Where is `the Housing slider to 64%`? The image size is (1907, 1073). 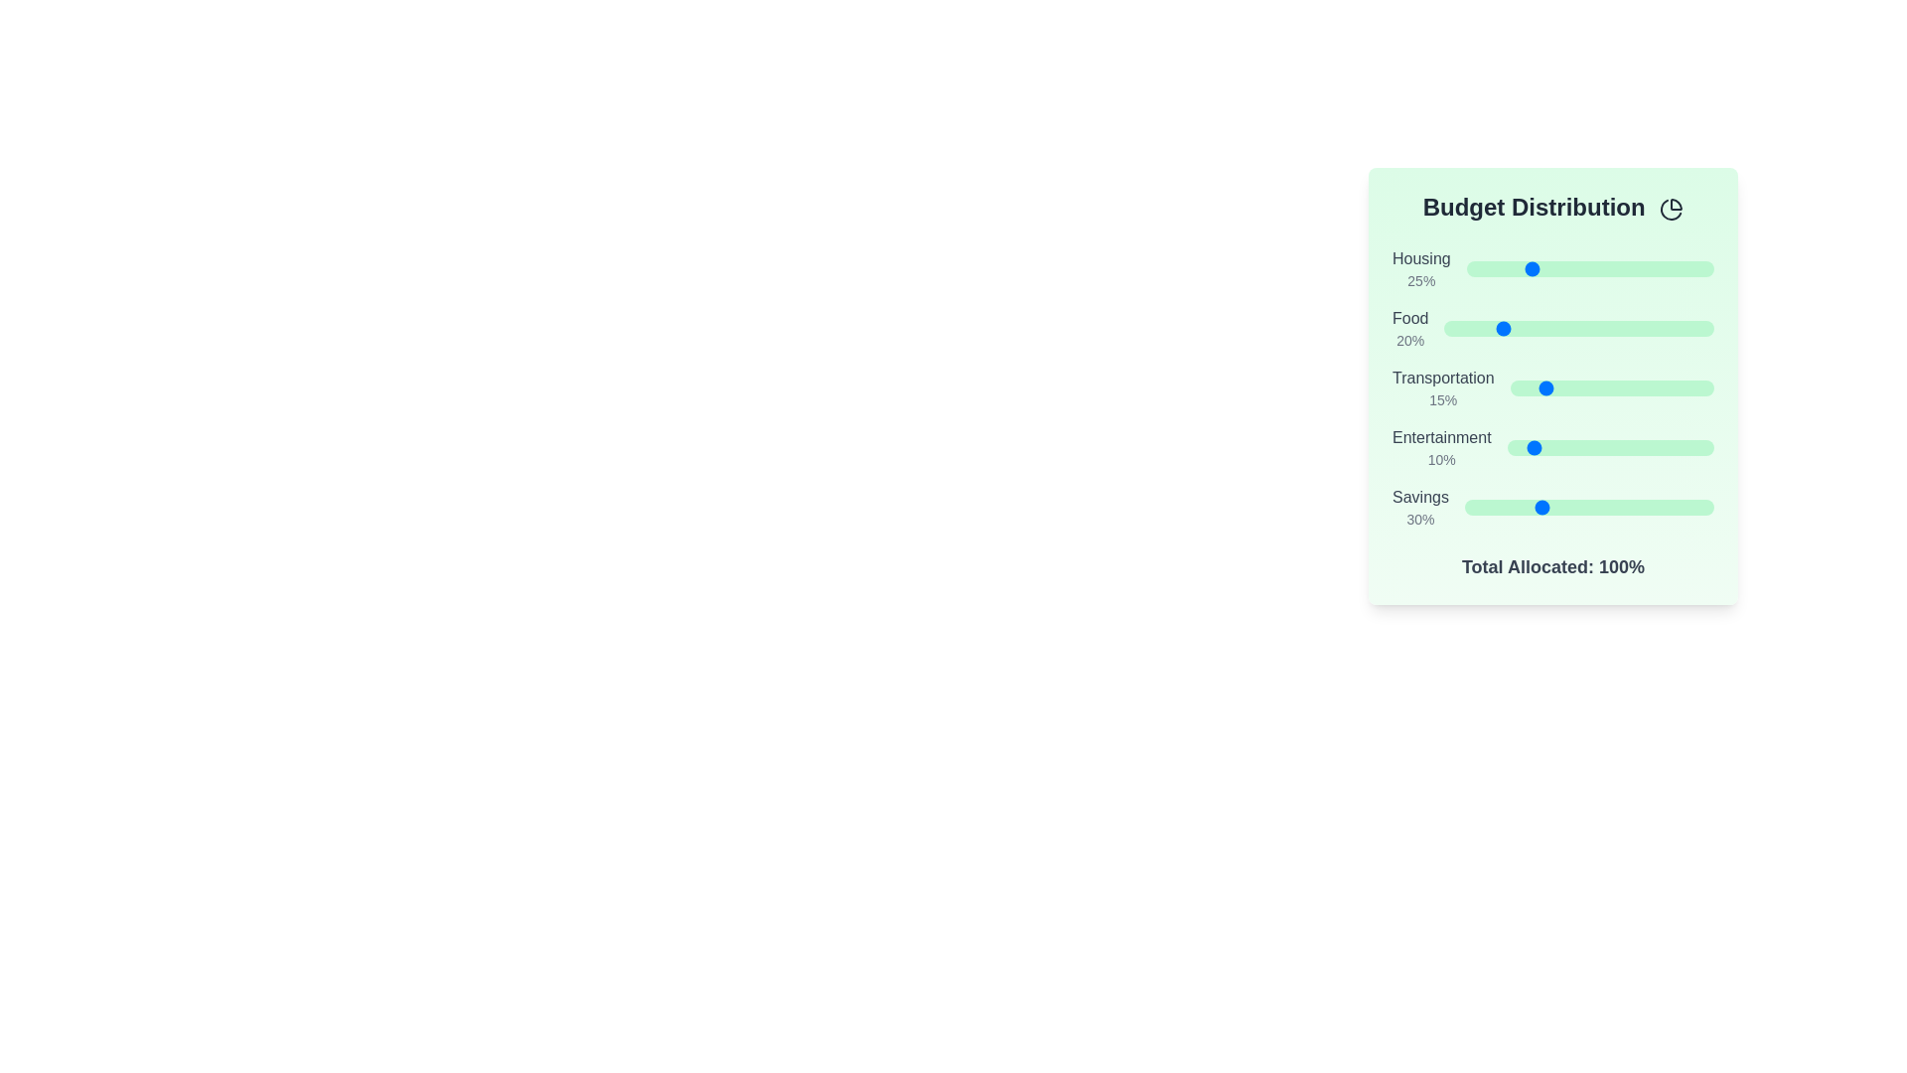 the Housing slider to 64% is located at coordinates (1625, 268).